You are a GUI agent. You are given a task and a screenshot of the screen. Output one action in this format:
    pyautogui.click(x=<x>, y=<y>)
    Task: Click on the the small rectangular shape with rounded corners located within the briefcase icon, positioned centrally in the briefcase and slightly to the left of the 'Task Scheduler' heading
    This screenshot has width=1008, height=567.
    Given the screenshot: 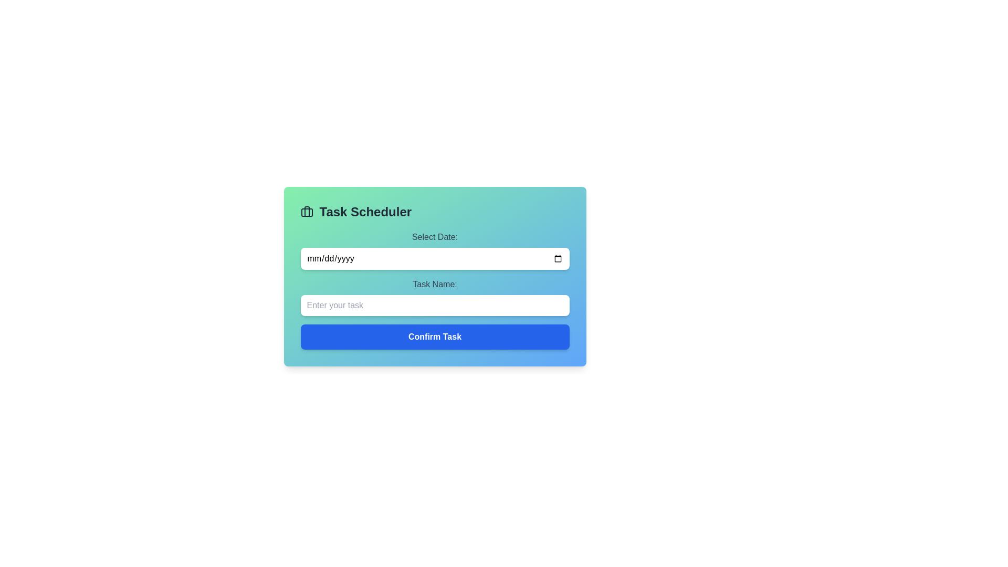 What is the action you would take?
    pyautogui.click(x=306, y=213)
    